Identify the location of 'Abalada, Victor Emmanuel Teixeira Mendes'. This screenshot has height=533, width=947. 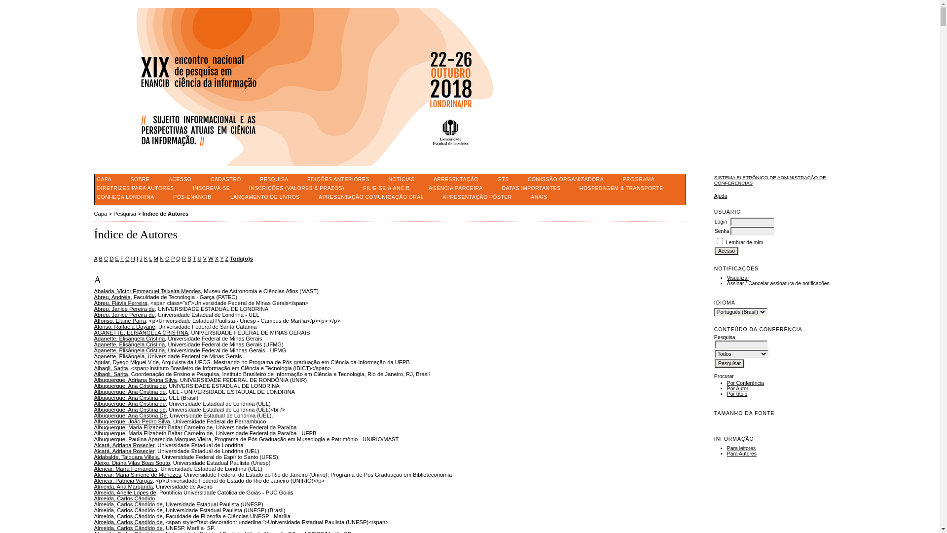
(146, 291).